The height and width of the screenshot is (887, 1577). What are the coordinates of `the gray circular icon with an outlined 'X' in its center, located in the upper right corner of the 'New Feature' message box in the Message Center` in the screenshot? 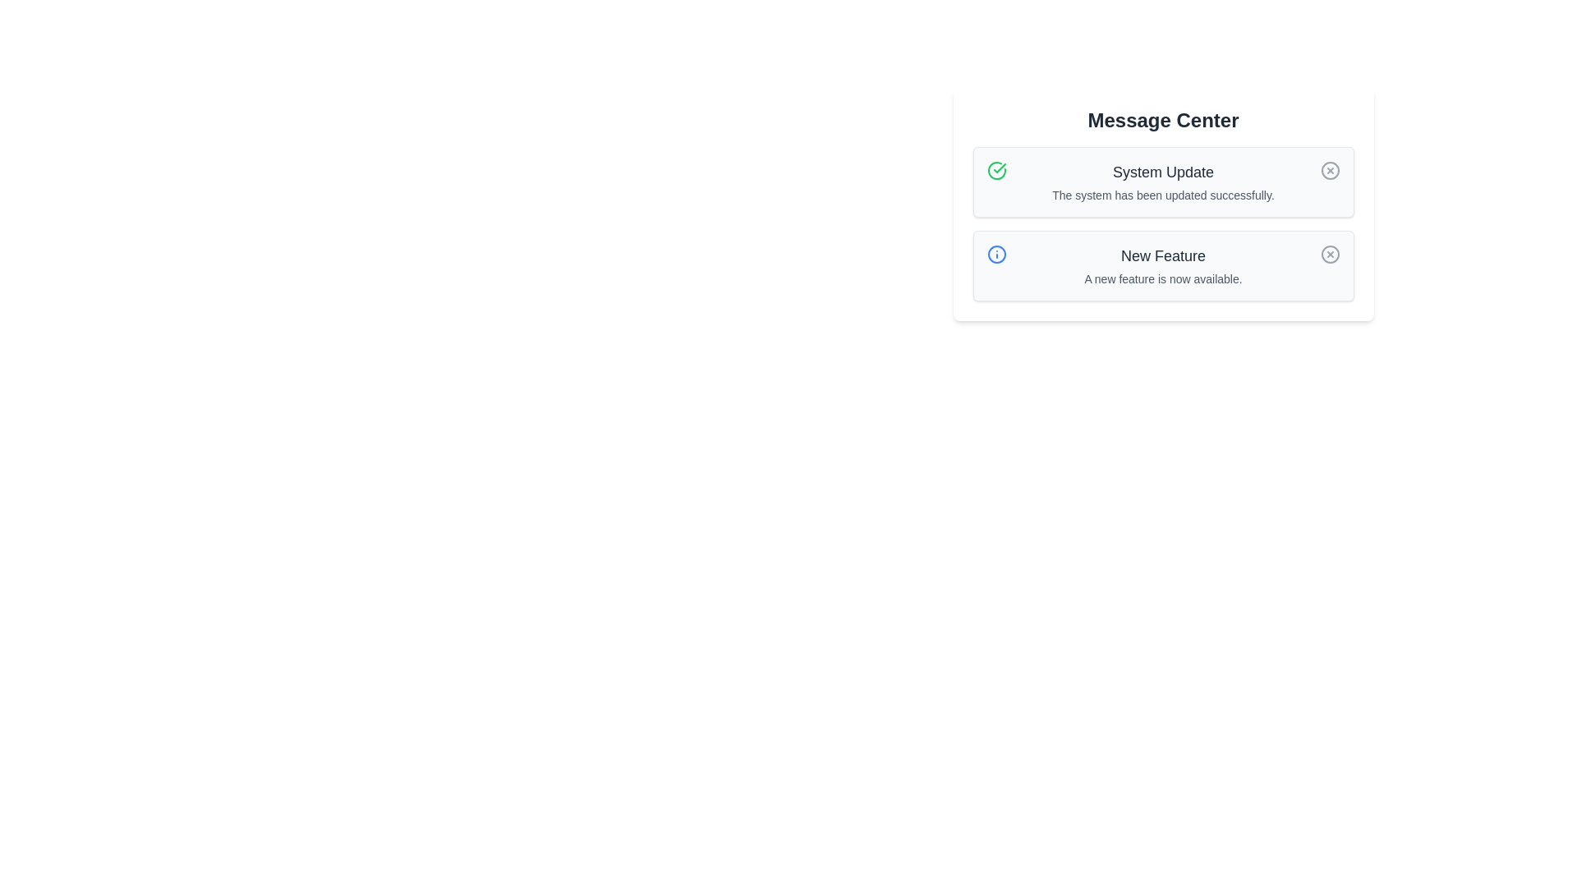 It's located at (1330, 254).